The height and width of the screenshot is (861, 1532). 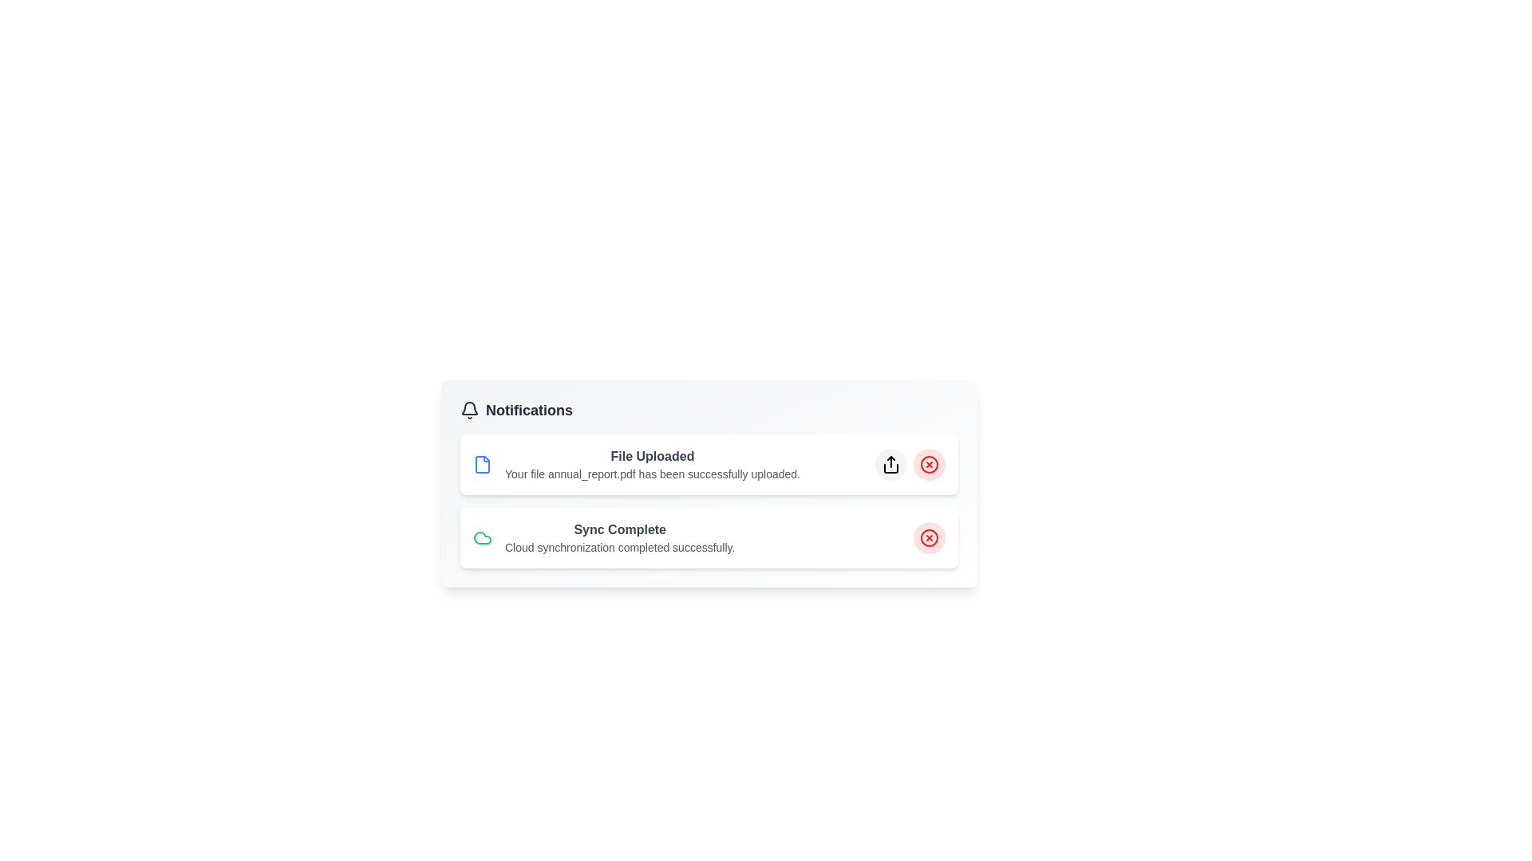 I want to click on the share icon button, which resembles a box with an upwards-pointing arrow, located to the right of the 'File Uploaded' notification title and above the red 'cancel' icon button in the notification bar, so click(x=890, y=464).